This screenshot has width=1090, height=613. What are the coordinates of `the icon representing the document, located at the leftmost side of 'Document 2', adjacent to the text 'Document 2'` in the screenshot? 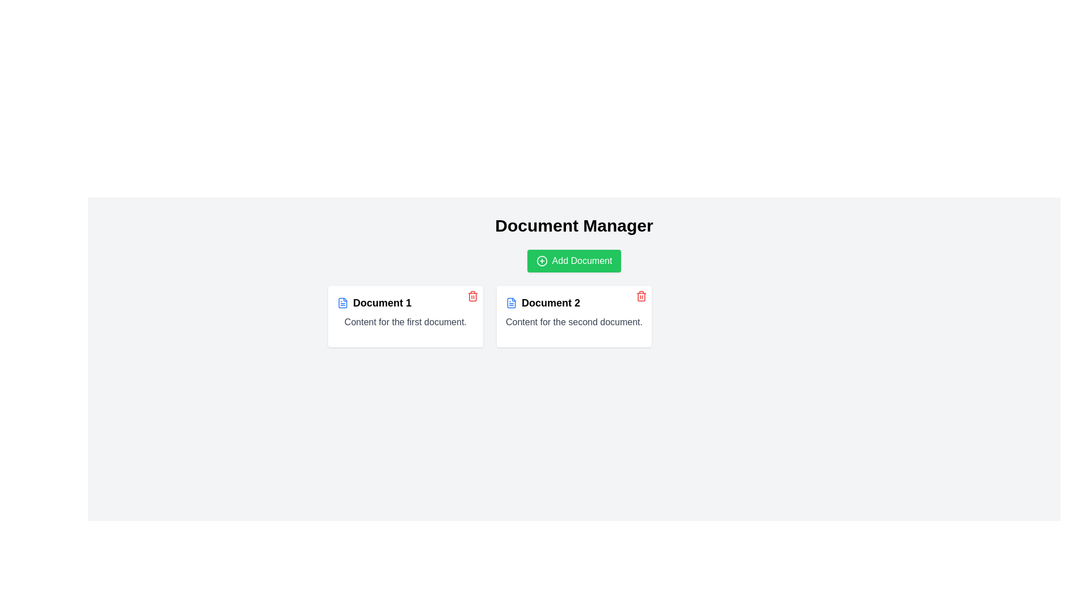 It's located at (511, 302).